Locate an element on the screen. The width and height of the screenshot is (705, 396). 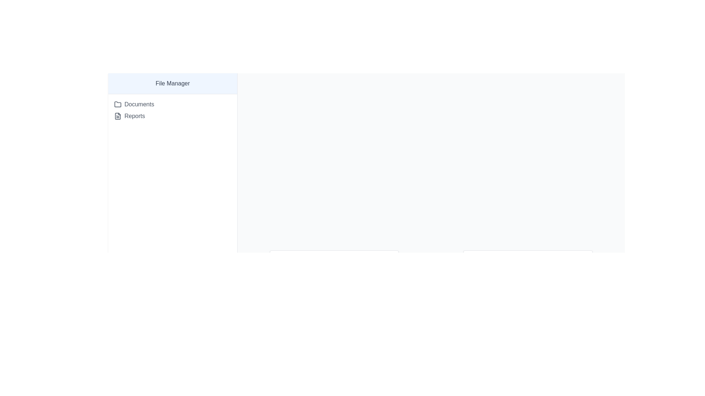
the first item in the left vertical panel below the 'File Manager' label to change its text color is located at coordinates (134, 104).